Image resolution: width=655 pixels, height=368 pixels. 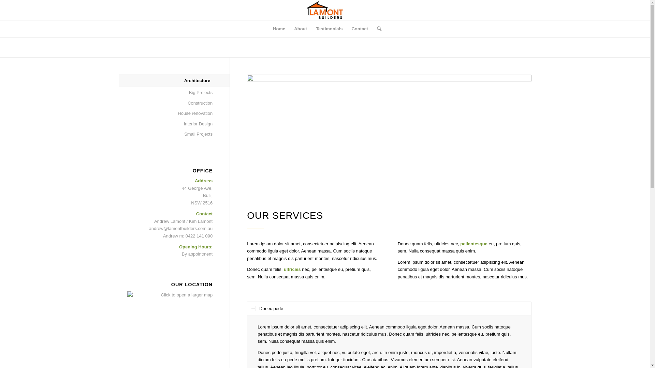 What do you see at coordinates (329, 28) in the screenshot?
I see `'Testimonials'` at bounding box center [329, 28].